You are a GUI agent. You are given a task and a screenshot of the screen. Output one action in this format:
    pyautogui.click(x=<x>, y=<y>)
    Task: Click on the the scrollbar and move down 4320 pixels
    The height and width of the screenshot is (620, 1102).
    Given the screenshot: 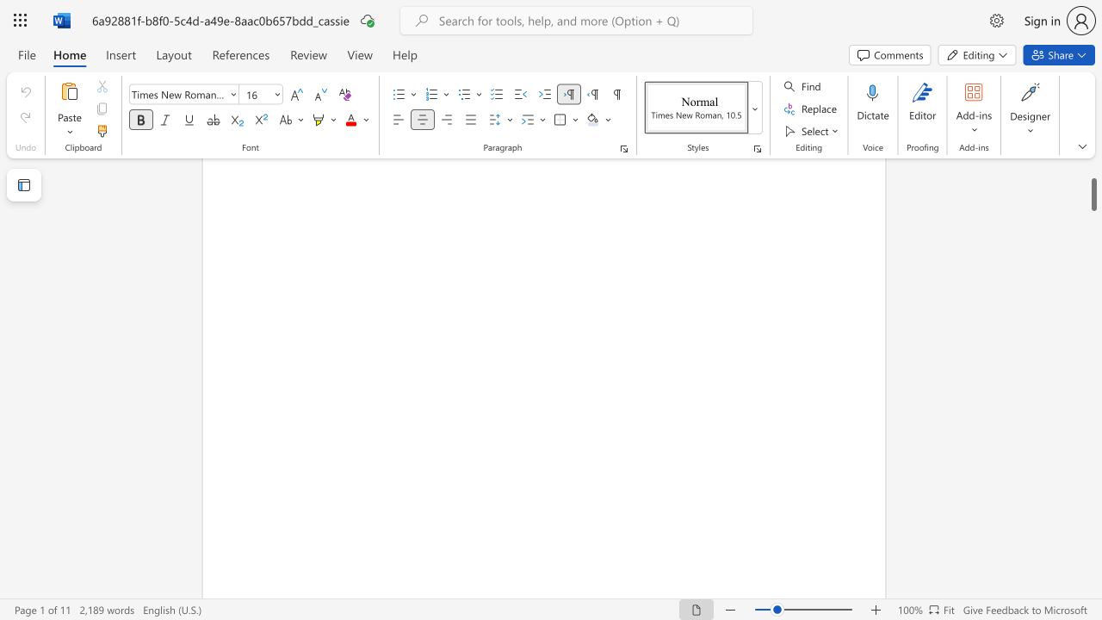 What is the action you would take?
    pyautogui.click(x=1093, y=184)
    